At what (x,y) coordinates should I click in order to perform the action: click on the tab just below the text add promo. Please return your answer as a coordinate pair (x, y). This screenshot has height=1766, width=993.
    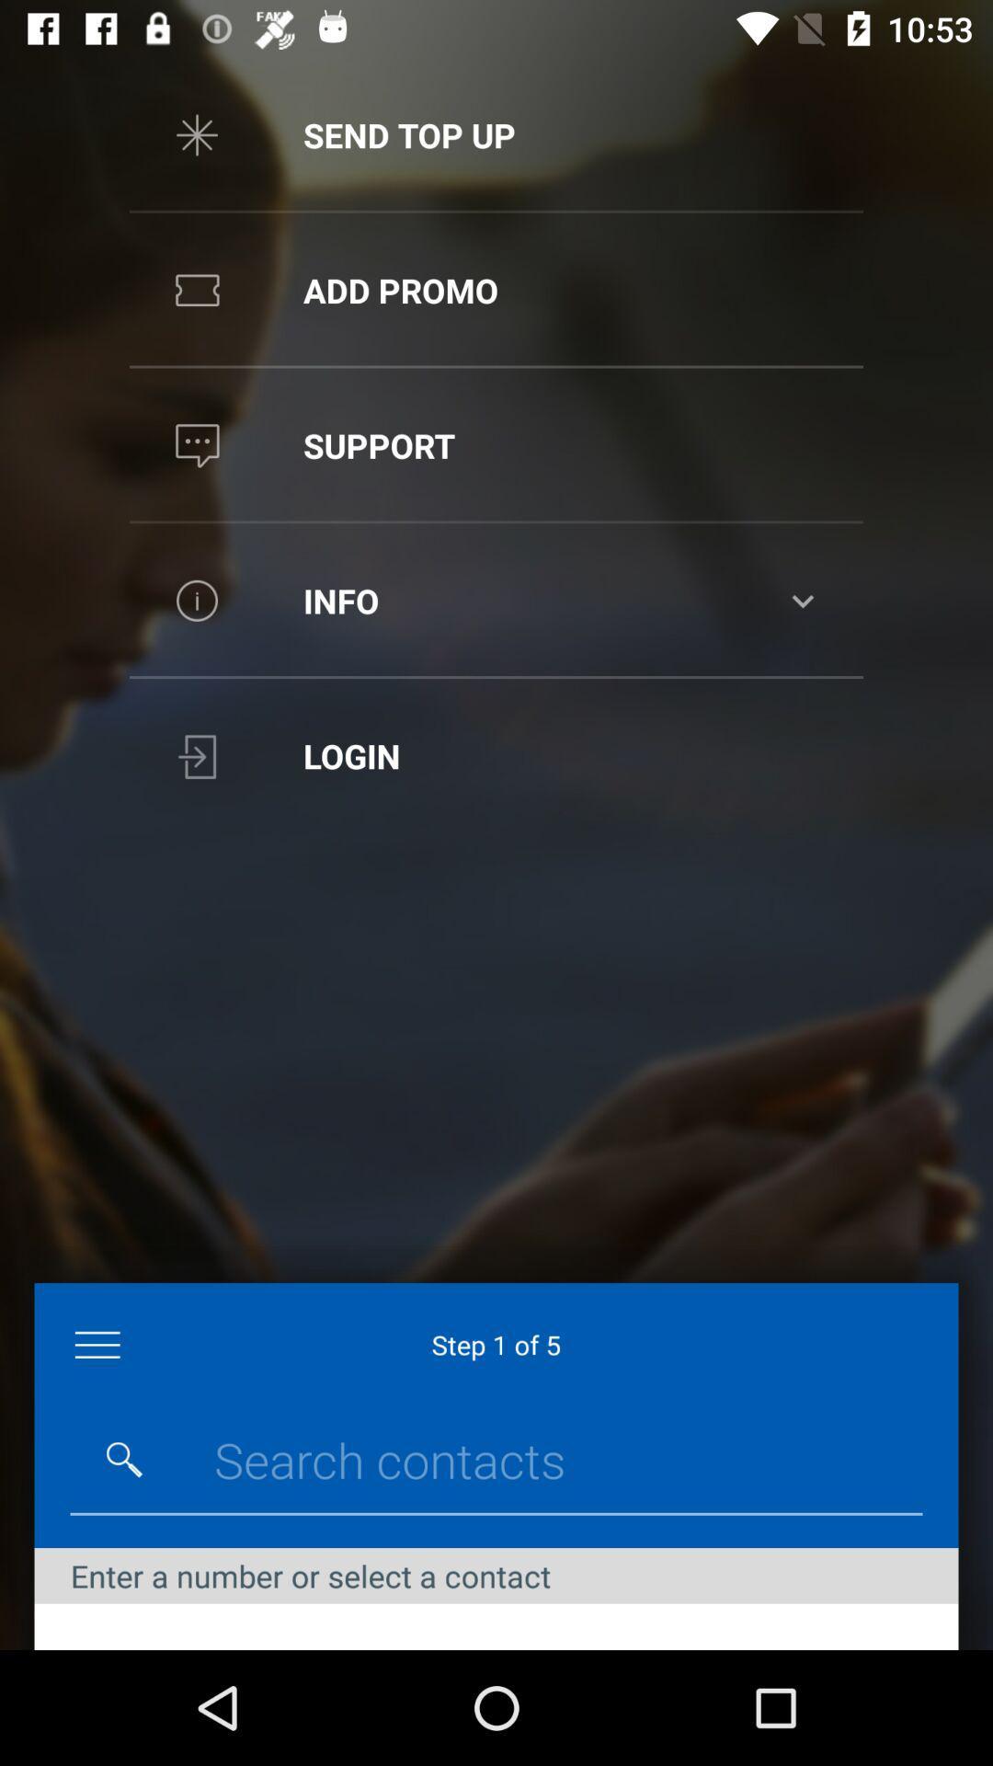
    Looking at the image, I should click on (496, 445).